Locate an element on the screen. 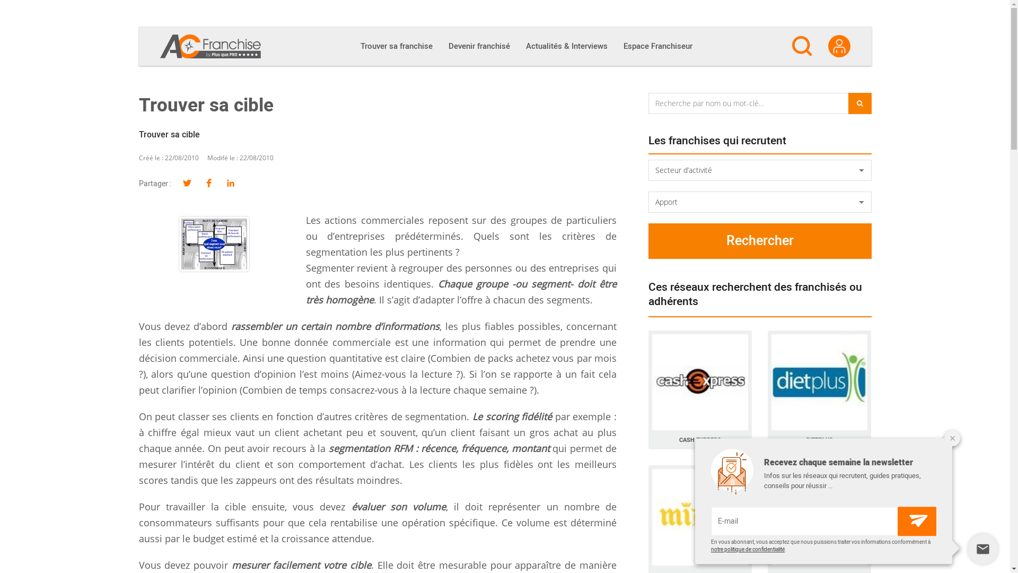 This screenshot has height=573, width=1018. 'Share on Twitter' is located at coordinates (187, 183).